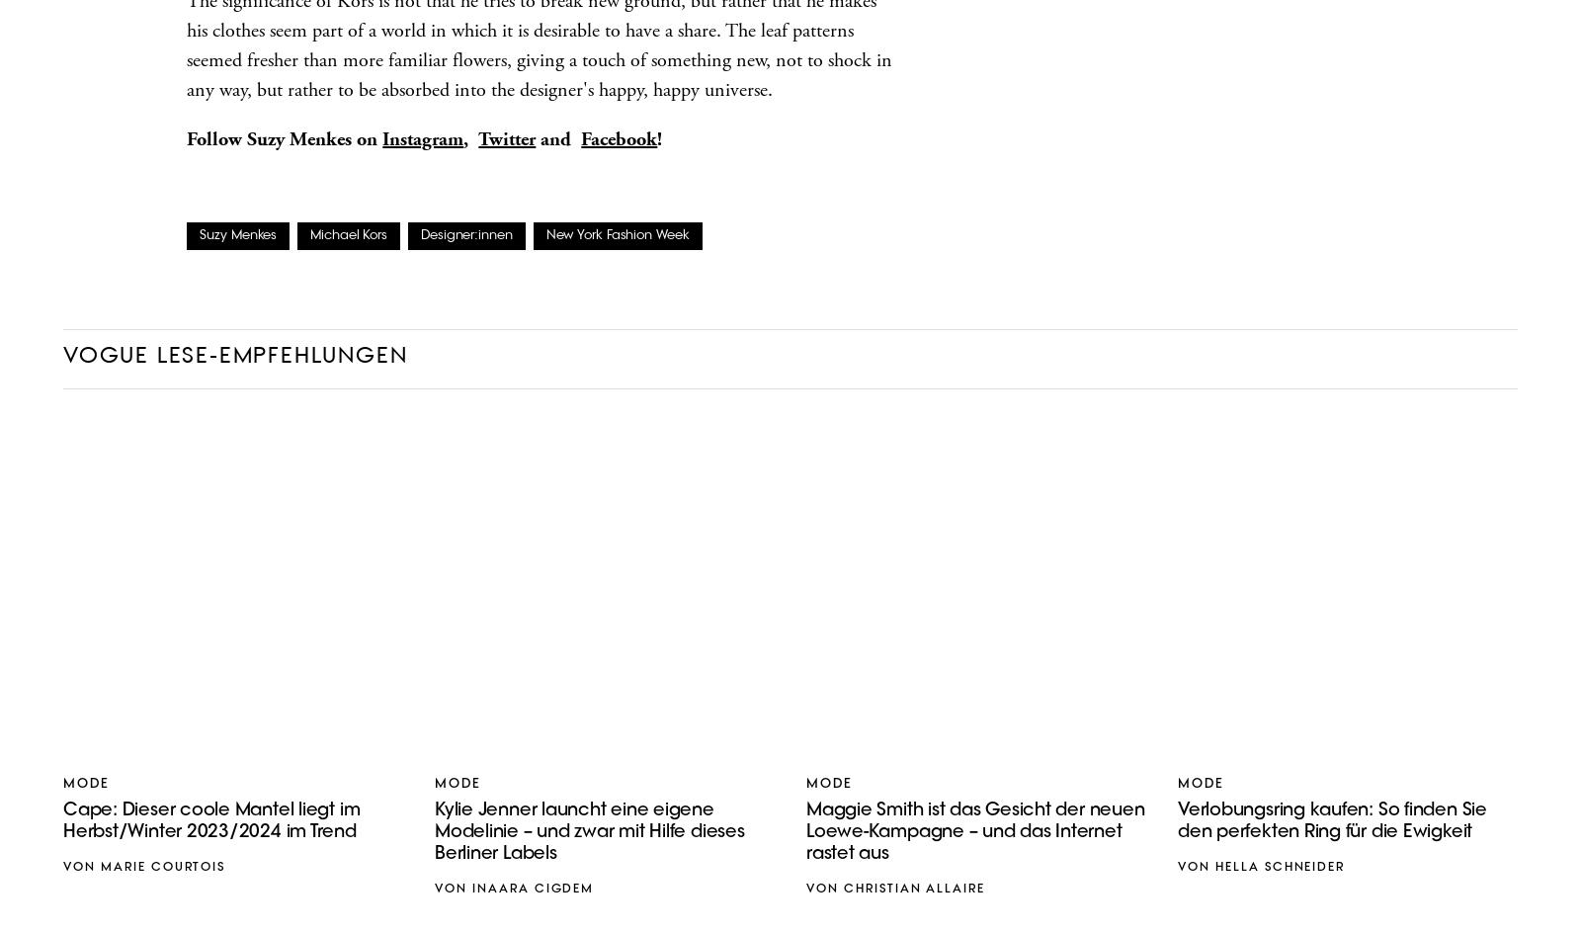  I want to click on 'New York Fashion Week', so click(617, 233).